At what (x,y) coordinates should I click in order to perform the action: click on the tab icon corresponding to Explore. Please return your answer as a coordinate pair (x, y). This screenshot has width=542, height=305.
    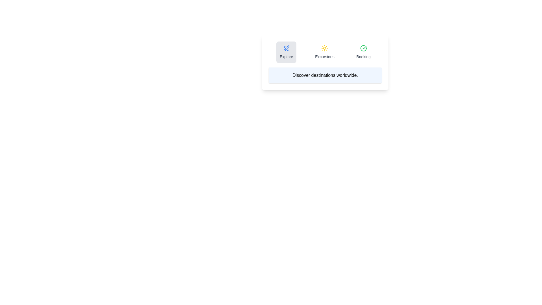
    Looking at the image, I should click on (286, 52).